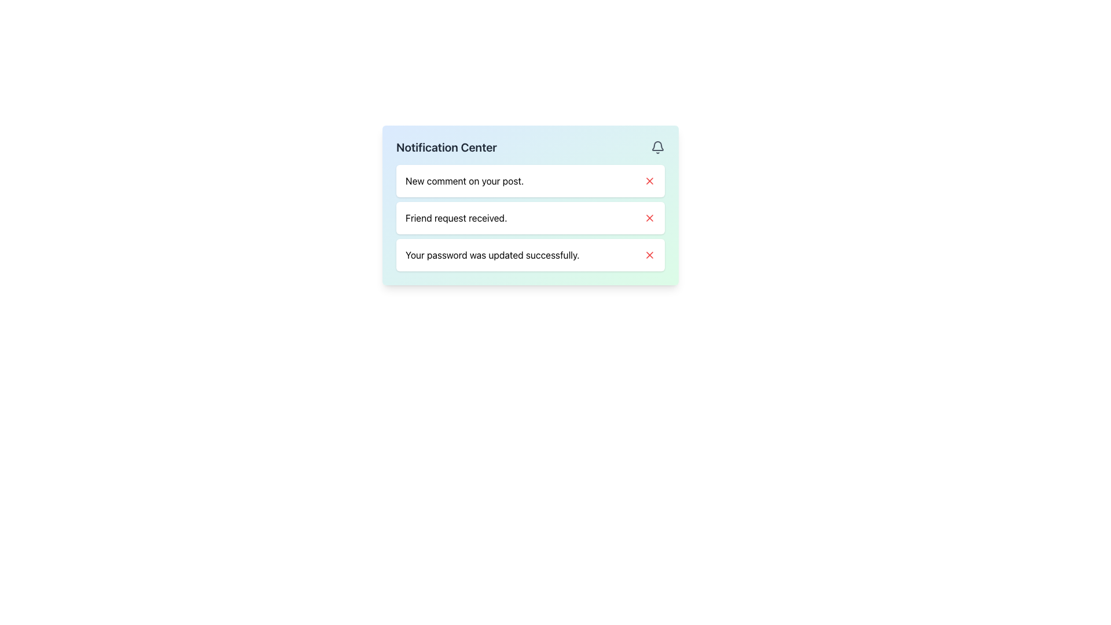 This screenshot has height=625, width=1111. I want to click on the close button located at the top-right corner of the 'Friend request received.' notification to observe its visual hover effect, so click(650, 218).